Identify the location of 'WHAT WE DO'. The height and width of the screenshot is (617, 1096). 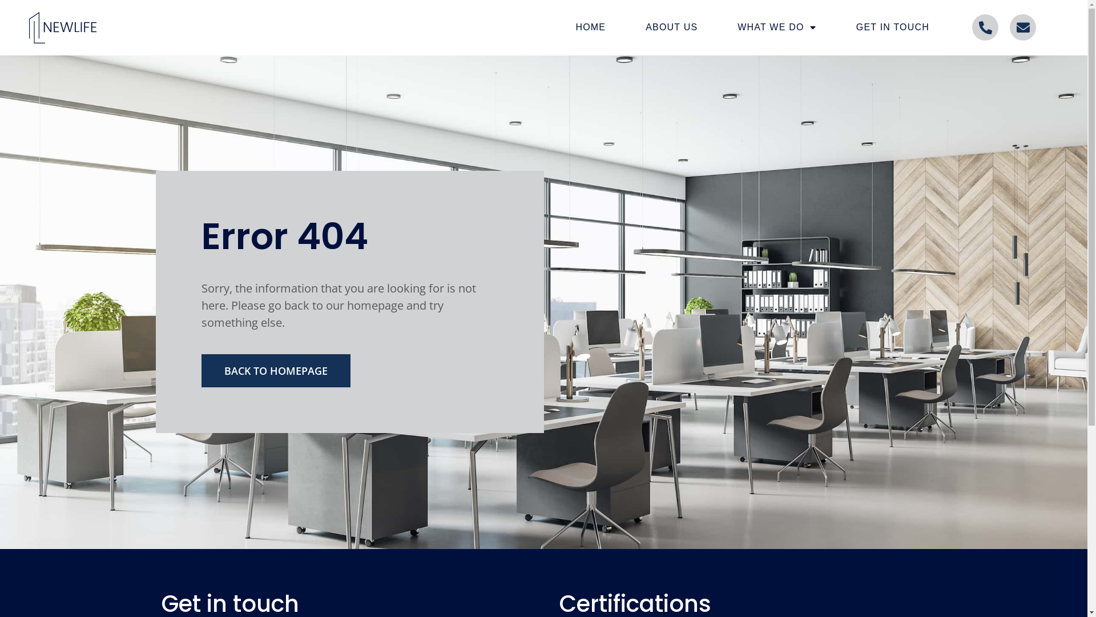
(776, 26).